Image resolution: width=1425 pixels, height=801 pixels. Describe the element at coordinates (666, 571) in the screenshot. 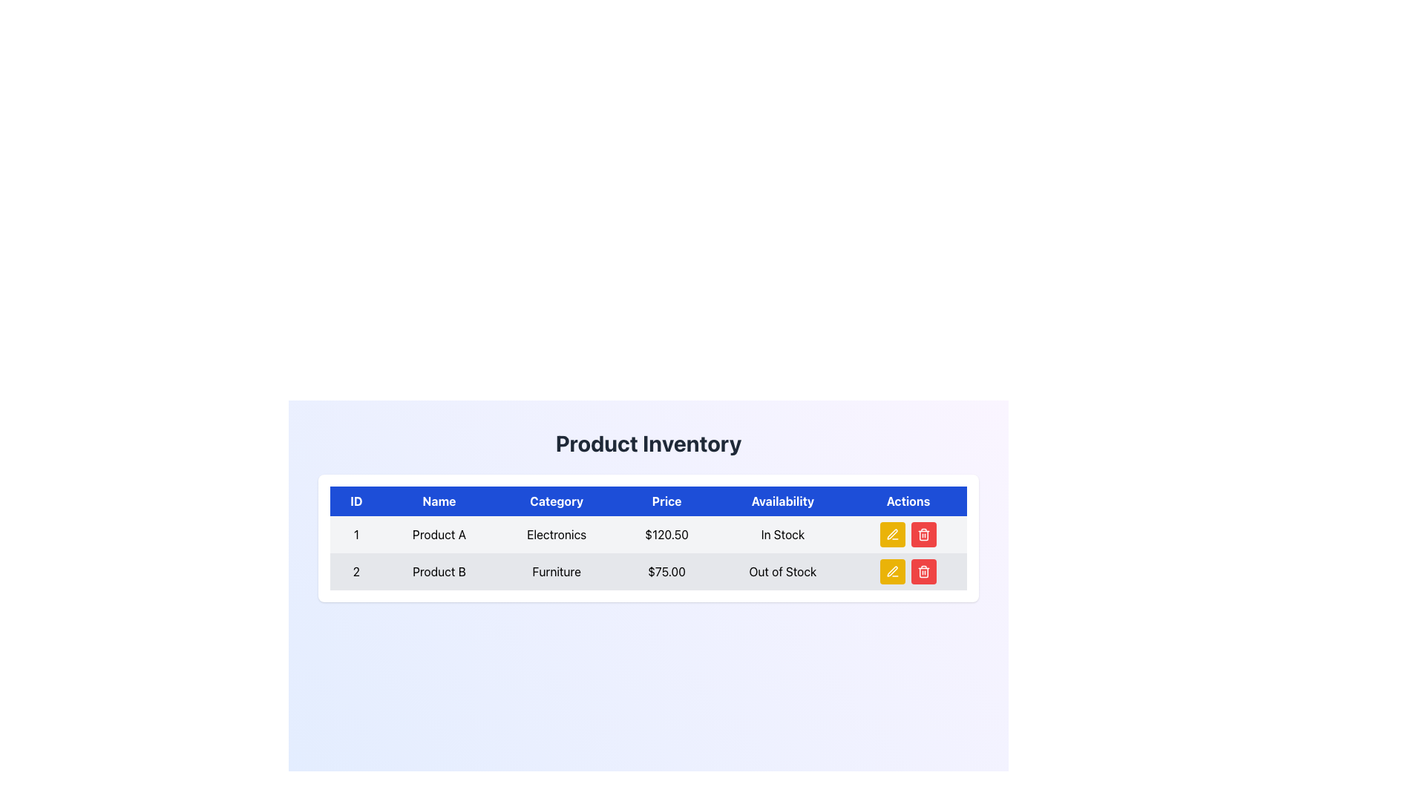

I see `the price label` at that location.